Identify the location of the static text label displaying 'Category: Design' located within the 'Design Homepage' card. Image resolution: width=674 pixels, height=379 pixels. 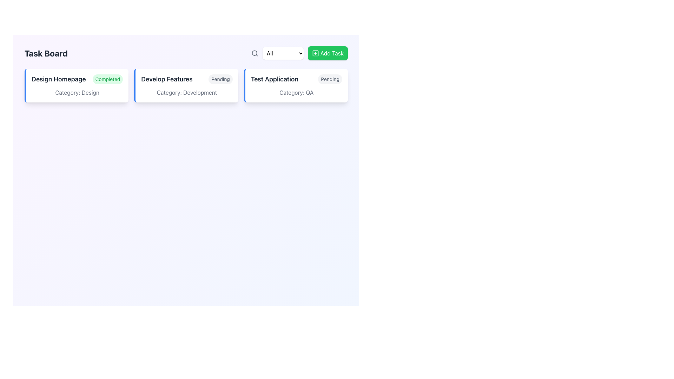
(77, 92).